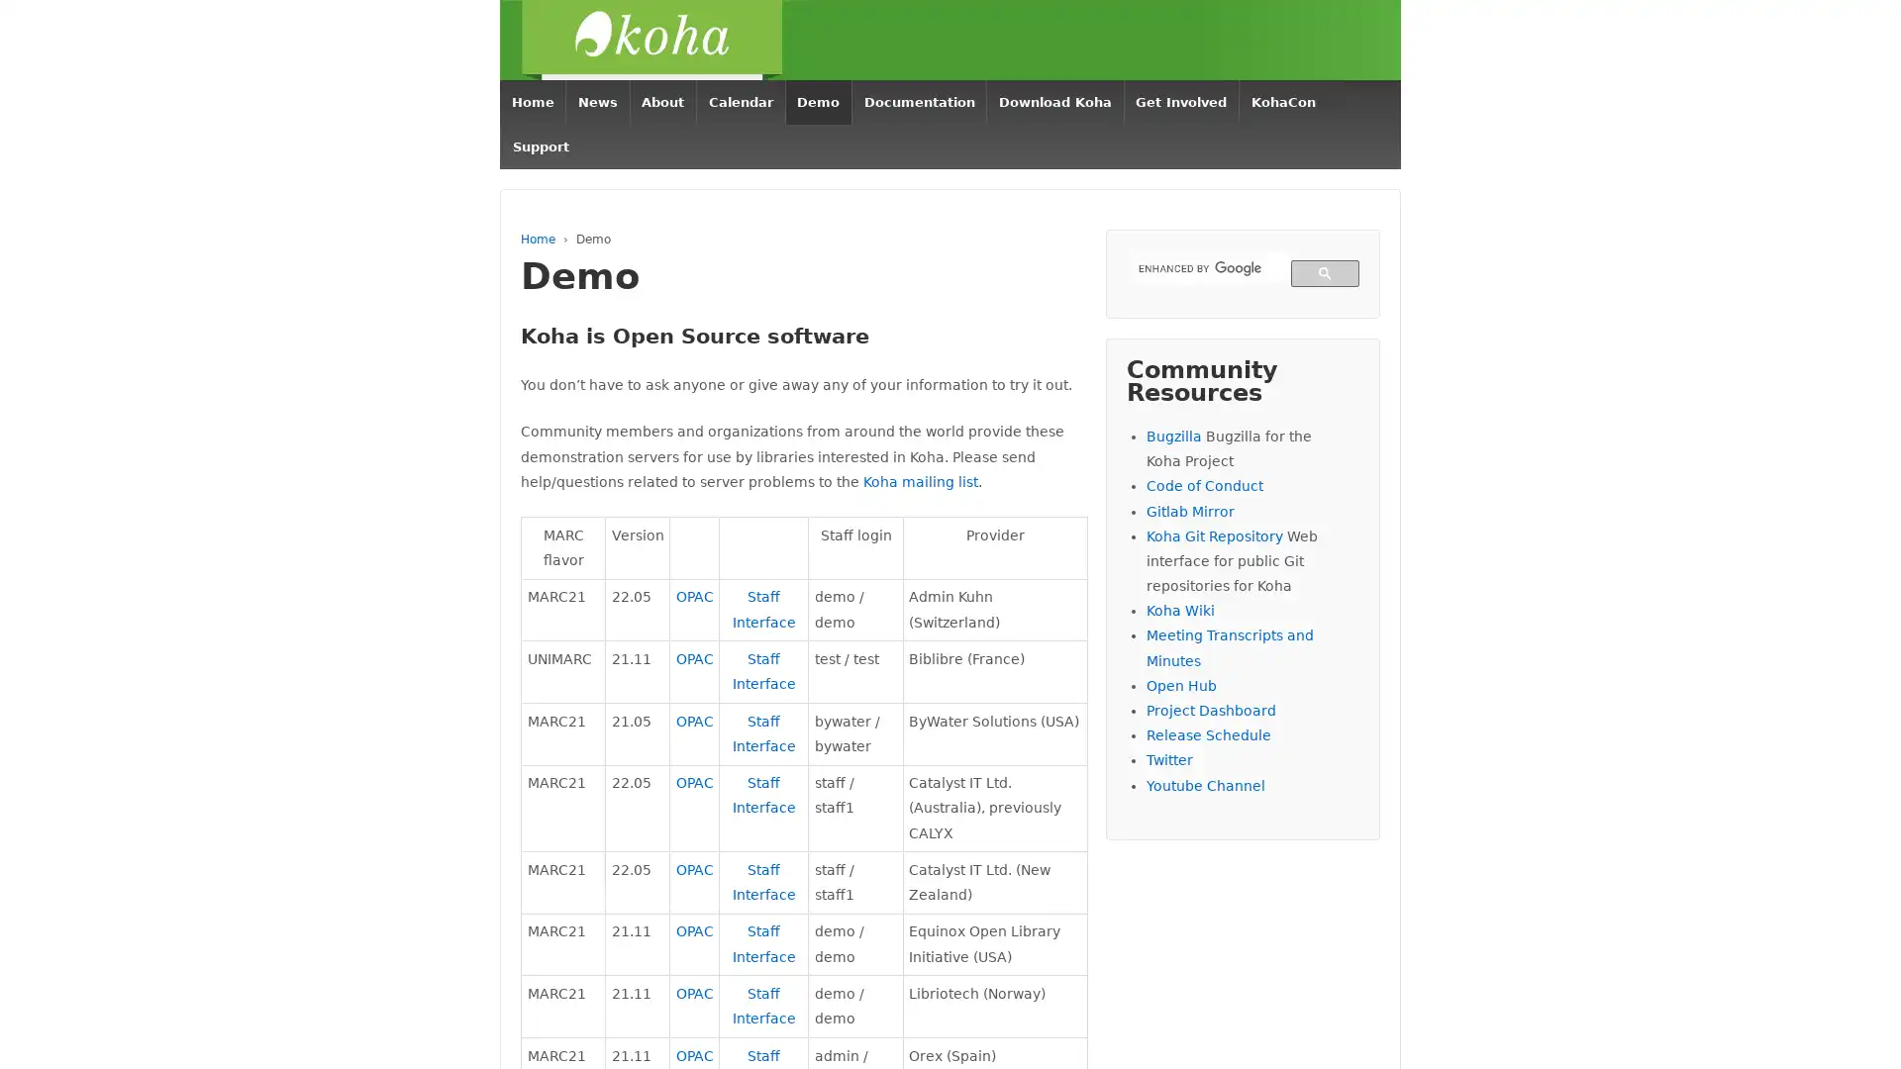 This screenshot has width=1901, height=1069. Describe the element at coordinates (1324, 272) in the screenshot. I see `search` at that location.